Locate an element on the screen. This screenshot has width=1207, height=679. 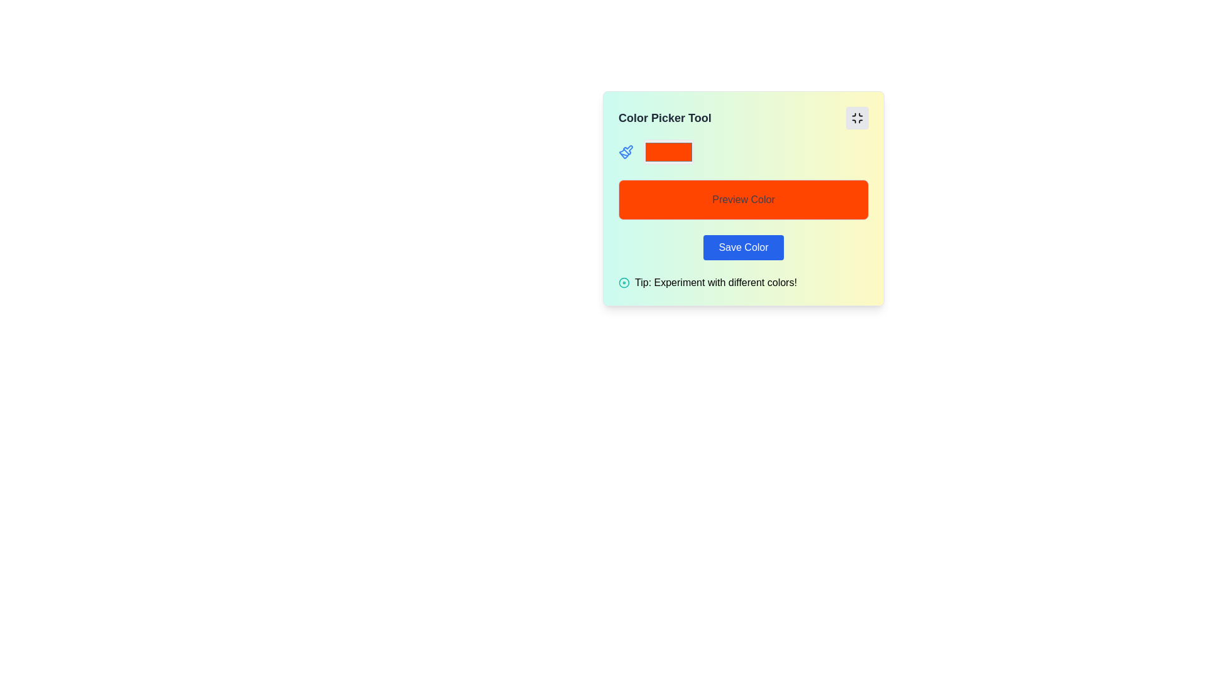
the paintbrush icon located as the first element on the left within the row of aligned components is located at coordinates (626, 152).